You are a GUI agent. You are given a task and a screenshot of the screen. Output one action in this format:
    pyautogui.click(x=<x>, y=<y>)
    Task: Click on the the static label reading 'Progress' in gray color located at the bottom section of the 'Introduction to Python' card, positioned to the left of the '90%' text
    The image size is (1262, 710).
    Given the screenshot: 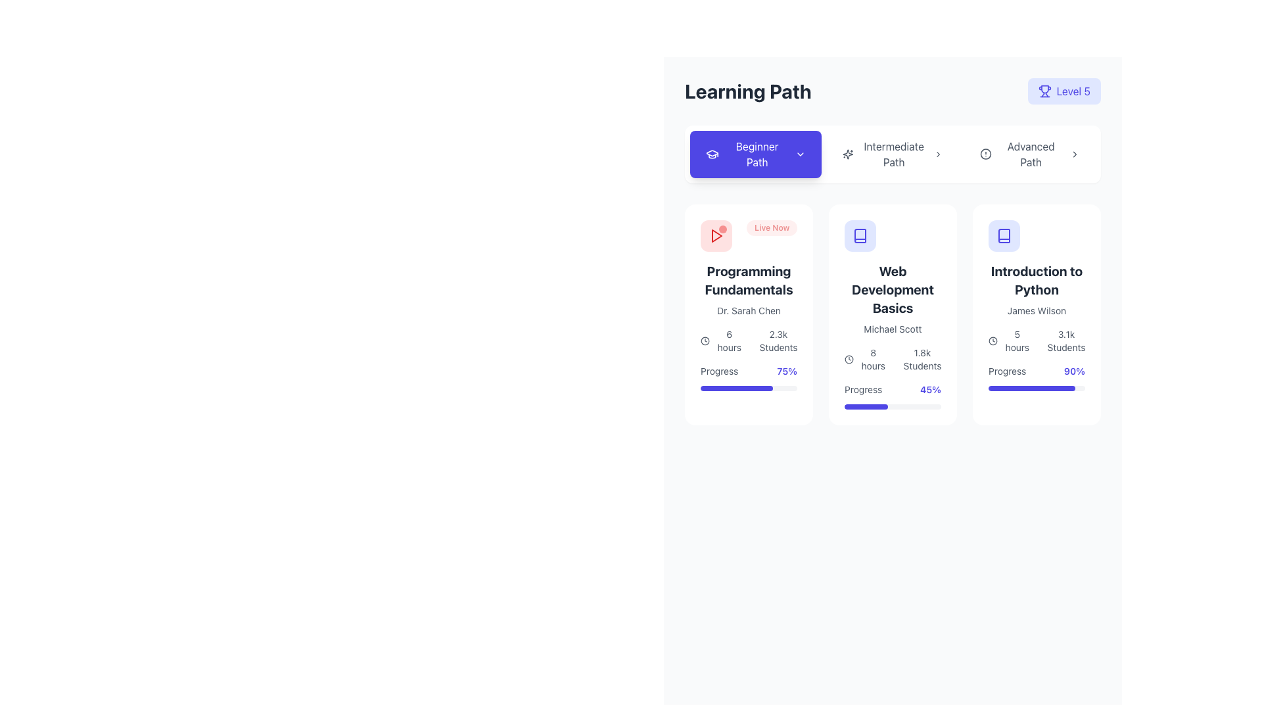 What is the action you would take?
    pyautogui.click(x=1006, y=371)
    